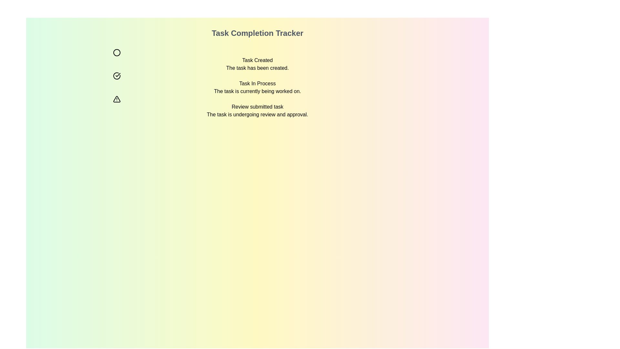 Image resolution: width=620 pixels, height=349 pixels. Describe the element at coordinates (257, 60) in the screenshot. I see `the status indicator text block with an accompanying icon that signifies a task has been created, located below the 'Task Completion Tracker' title` at that location.